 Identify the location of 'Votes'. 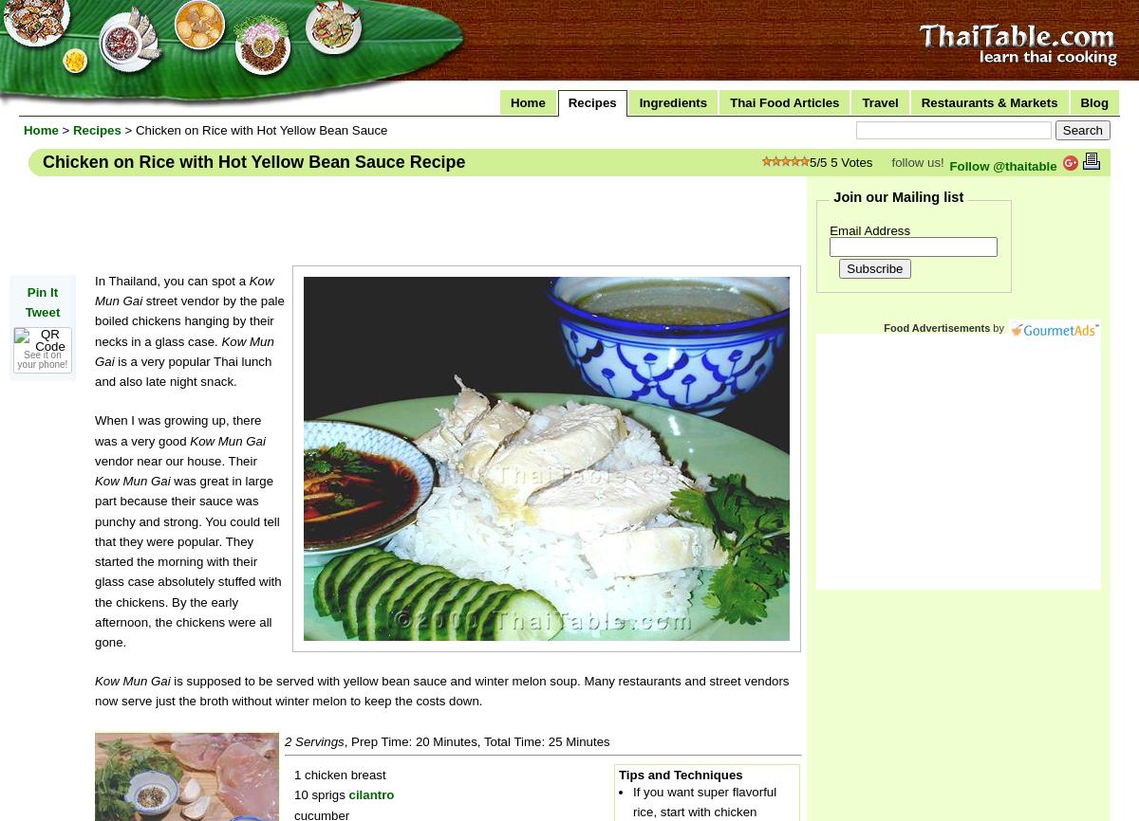
(836, 162).